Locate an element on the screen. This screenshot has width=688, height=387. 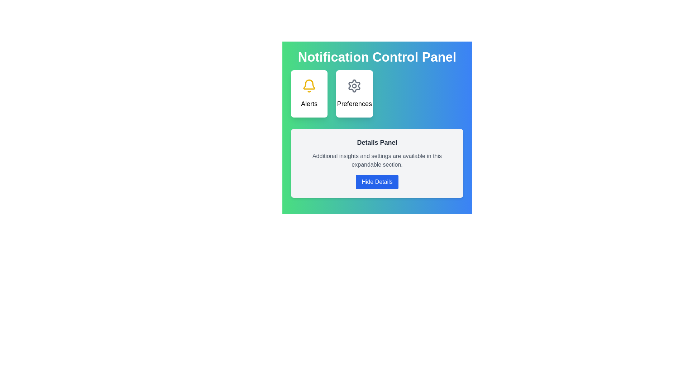
the decorative element that enhances the gear icon, which is the second icon from the left in the top panel is located at coordinates (354, 85).